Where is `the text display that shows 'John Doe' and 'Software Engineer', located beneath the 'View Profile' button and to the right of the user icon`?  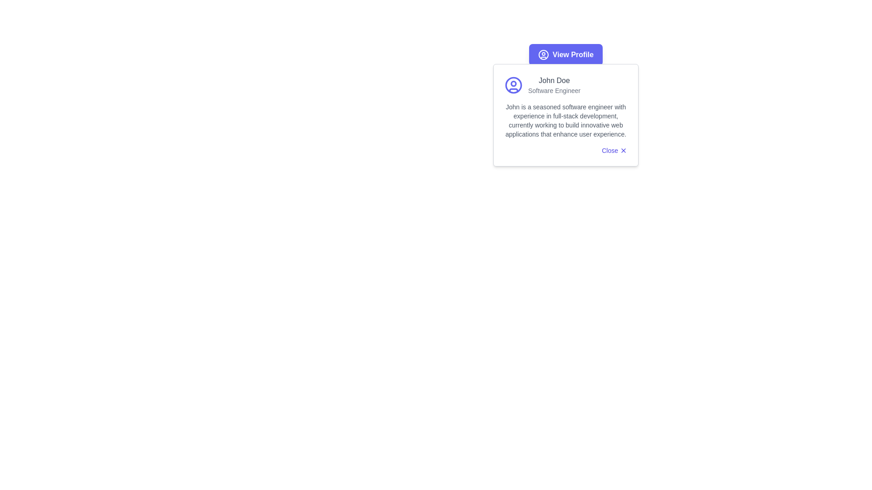
the text display that shows 'John Doe' and 'Software Engineer', located beneath the 'View Profile' button and to the right of the user icon is located at coordinates (554, 85).